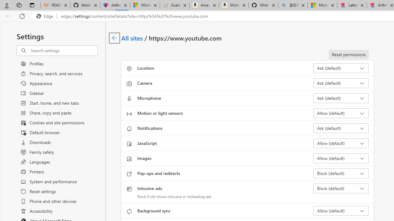 This screenshot has height=221, width=394. I want to click on 'Location Ask (default)', so click(340, 68).